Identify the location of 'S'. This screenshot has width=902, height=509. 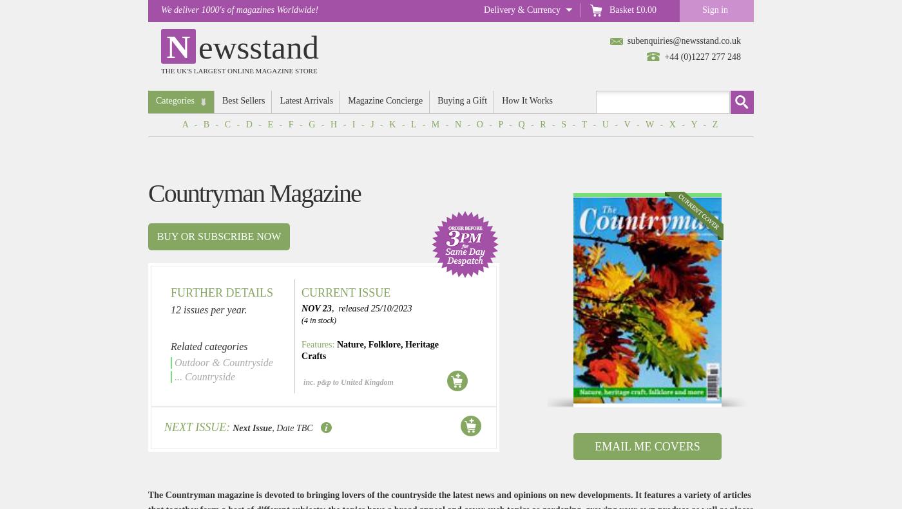
(564, 124).